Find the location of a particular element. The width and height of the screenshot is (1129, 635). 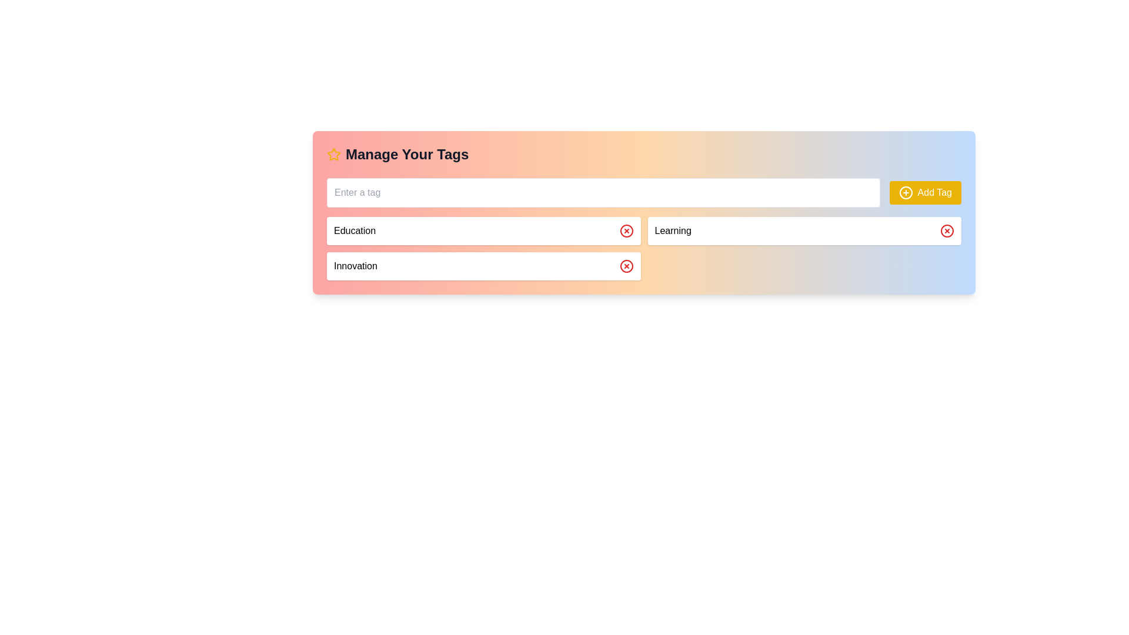

the decorative icon with a plus sign inside the yellow 'Add Tag' button to trigger the tooltip or hover effect is located at coordinates (905, 192).